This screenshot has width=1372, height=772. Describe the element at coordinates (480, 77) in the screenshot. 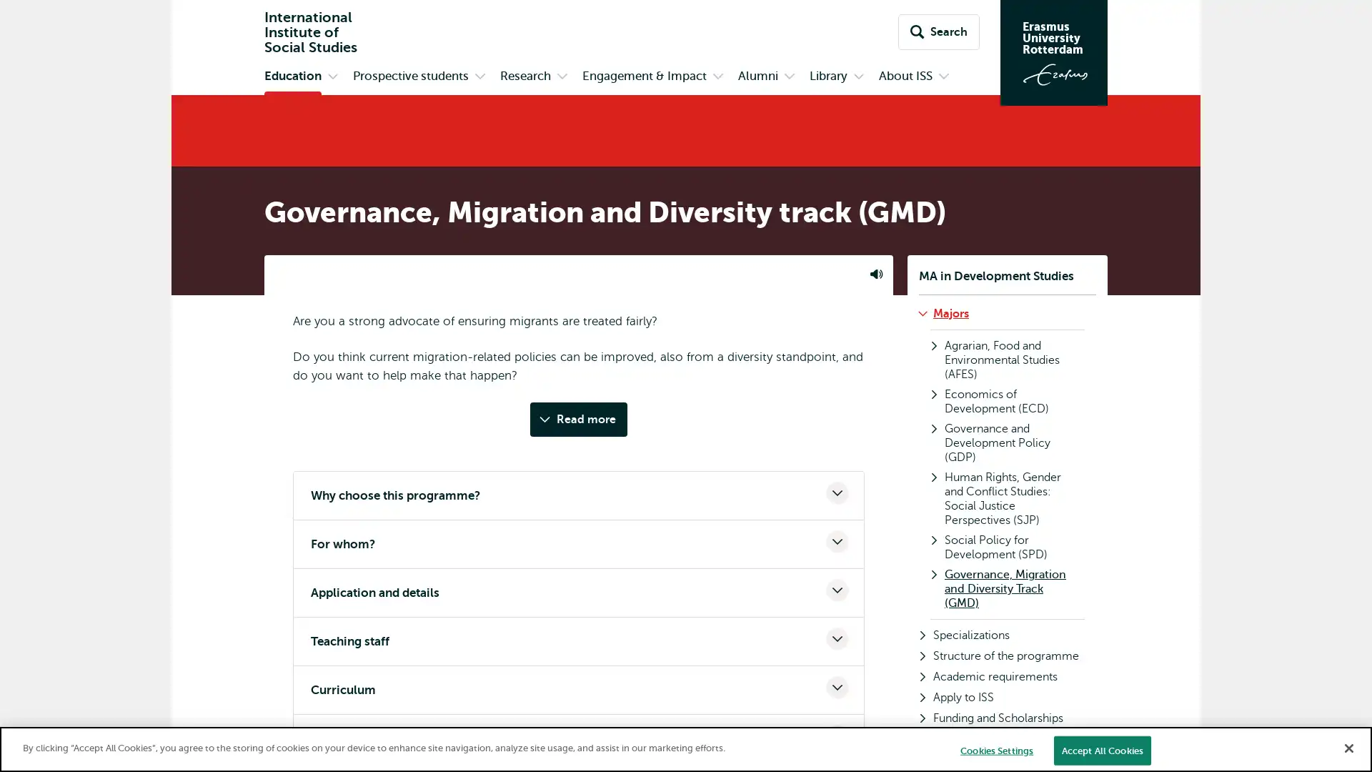

I see `Open submenu` at that location.